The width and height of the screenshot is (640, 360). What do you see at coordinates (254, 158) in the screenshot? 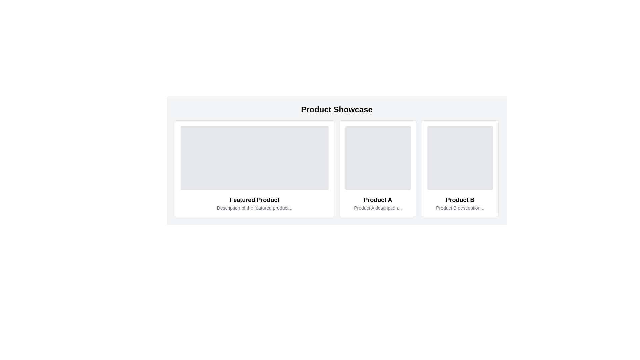
I see `the image placeholder or graphical display area located at the top section of the 'Featured Product' card in the leftmost card of the product showcase layout` at bounding box center [254, 158].